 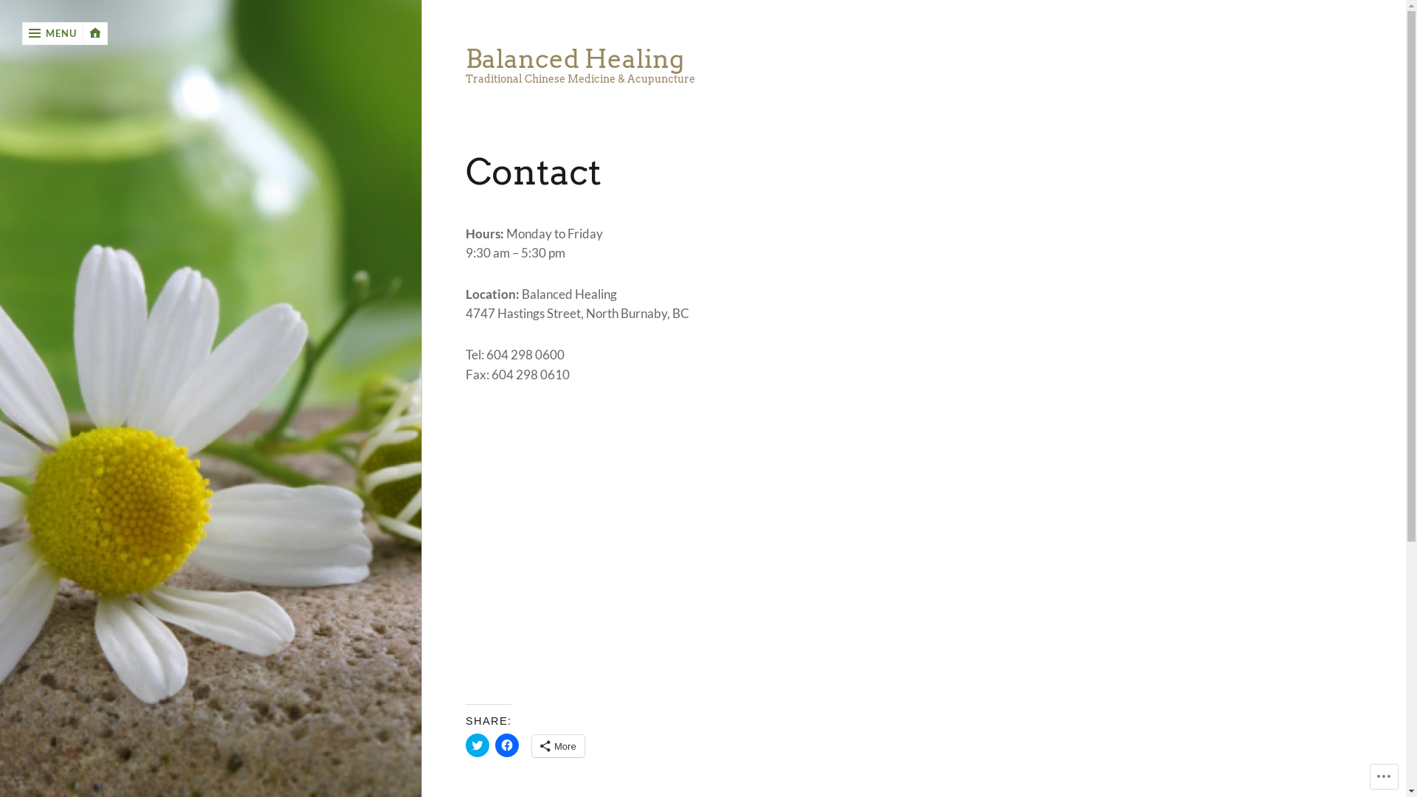 What do you see at coordinates (52, 33) in the screenshot?
I see `'MENU'` at bounding box center [52, 33].